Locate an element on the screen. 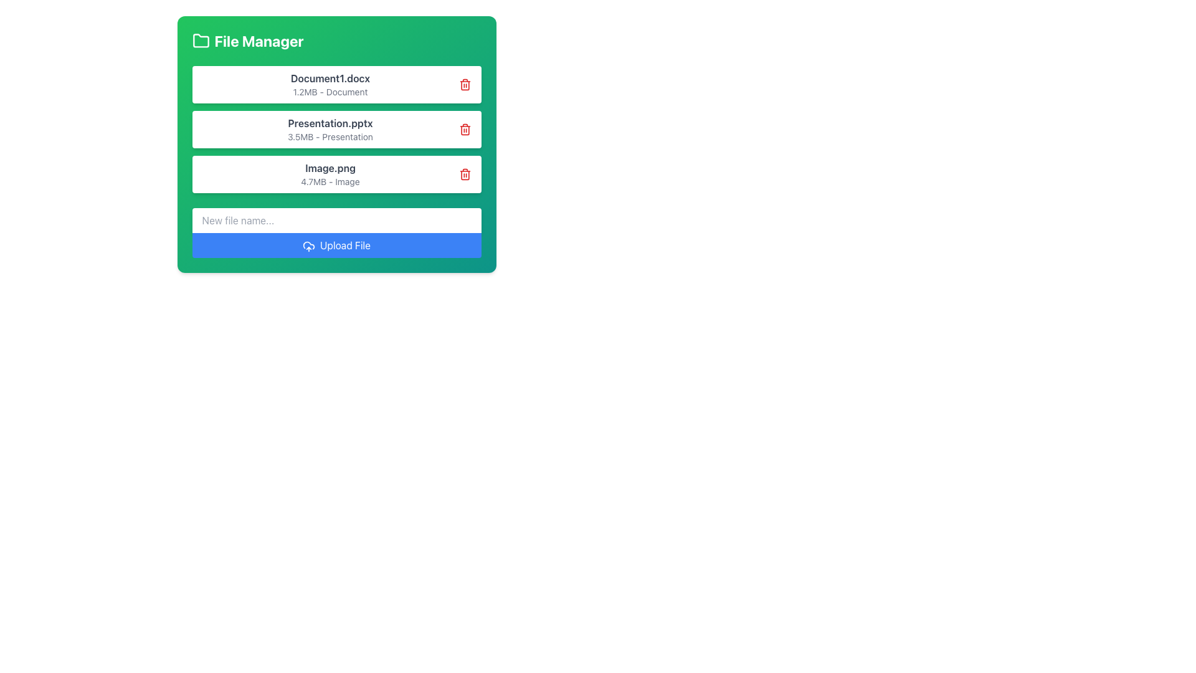  the small SVG icon resembling a cloud with an upward arrow, which is part of the 'Upload File' button, located on the left side of the text label is located at coordinates (308, 246).